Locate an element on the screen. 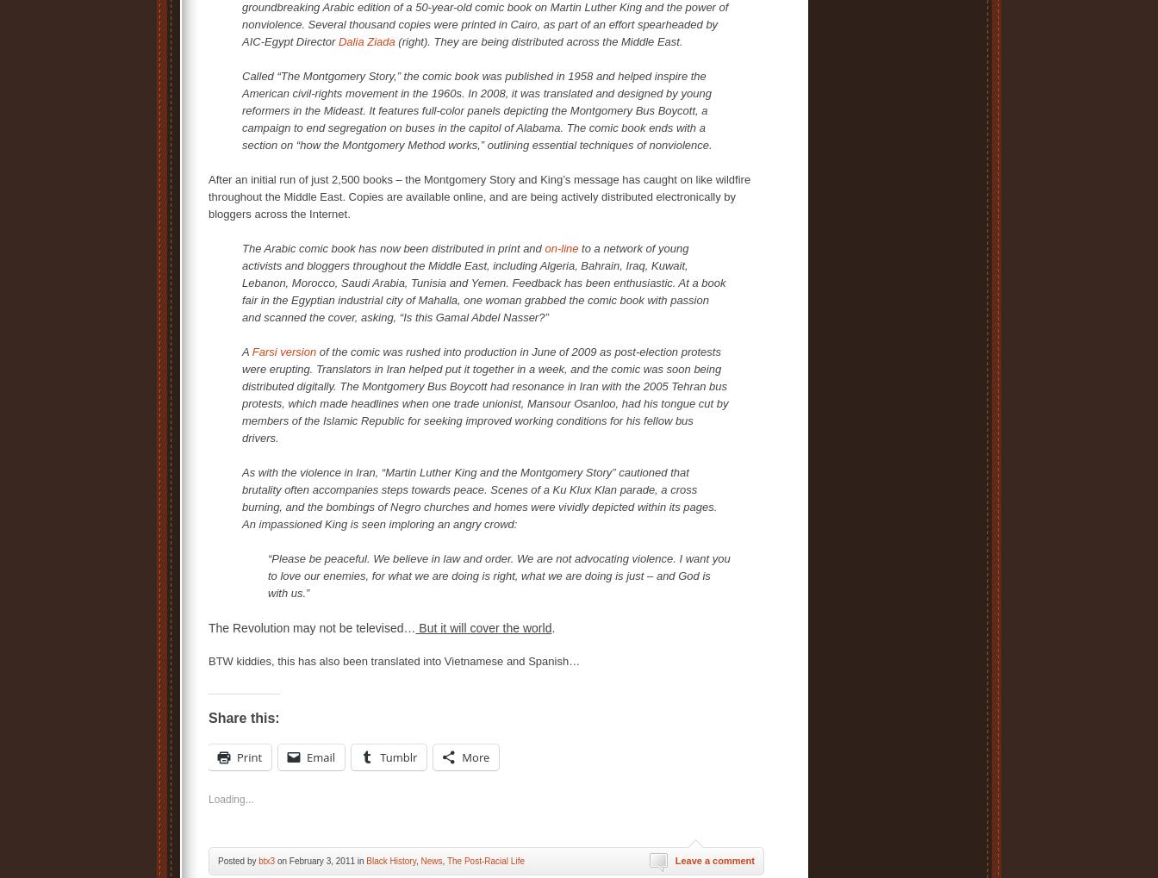 Image resolution: width=1158 pixels, height=878 pixels. '.' is located at coordinates (553, 627).